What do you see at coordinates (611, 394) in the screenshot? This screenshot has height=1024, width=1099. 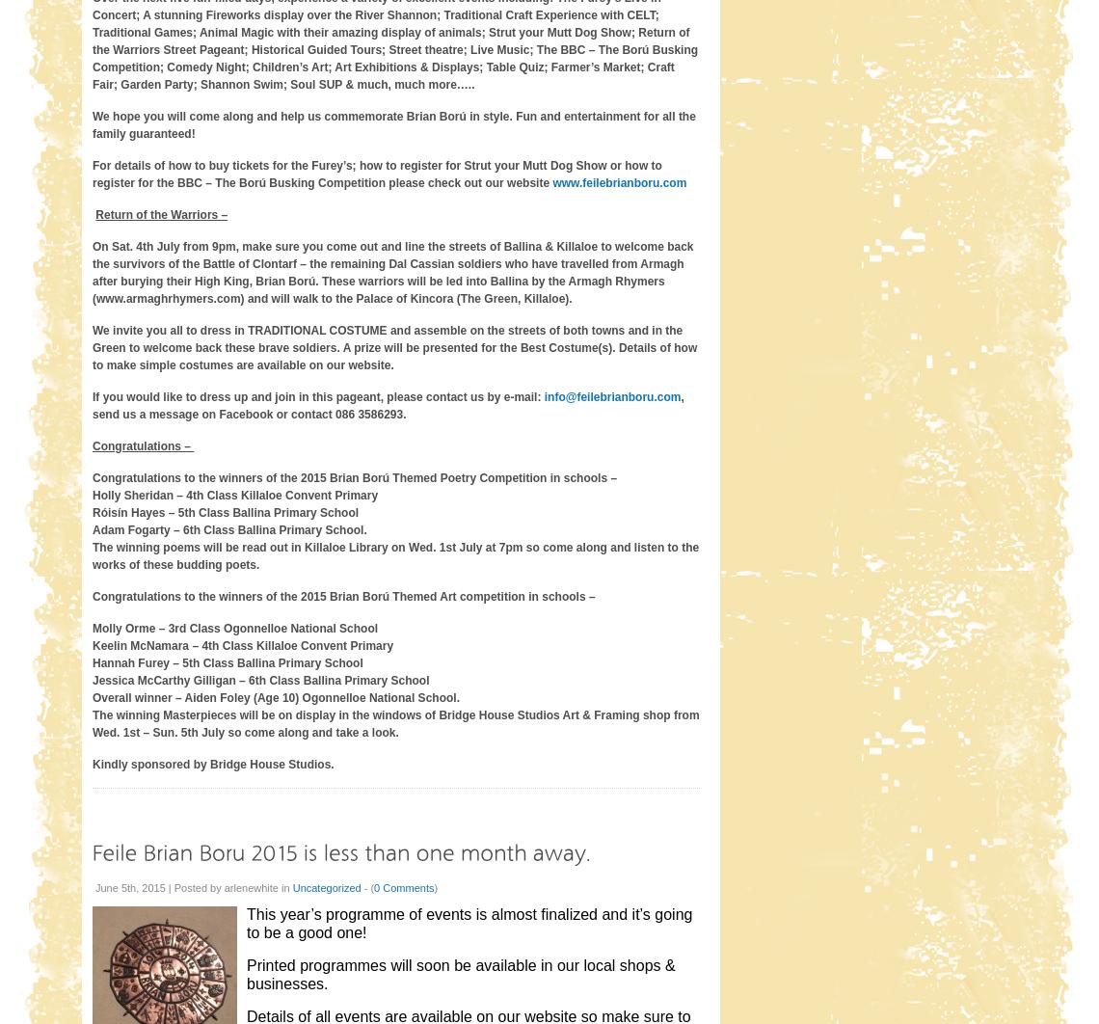 I see `'info@feilebrianboru.com'` at bounding box center [611, 394].